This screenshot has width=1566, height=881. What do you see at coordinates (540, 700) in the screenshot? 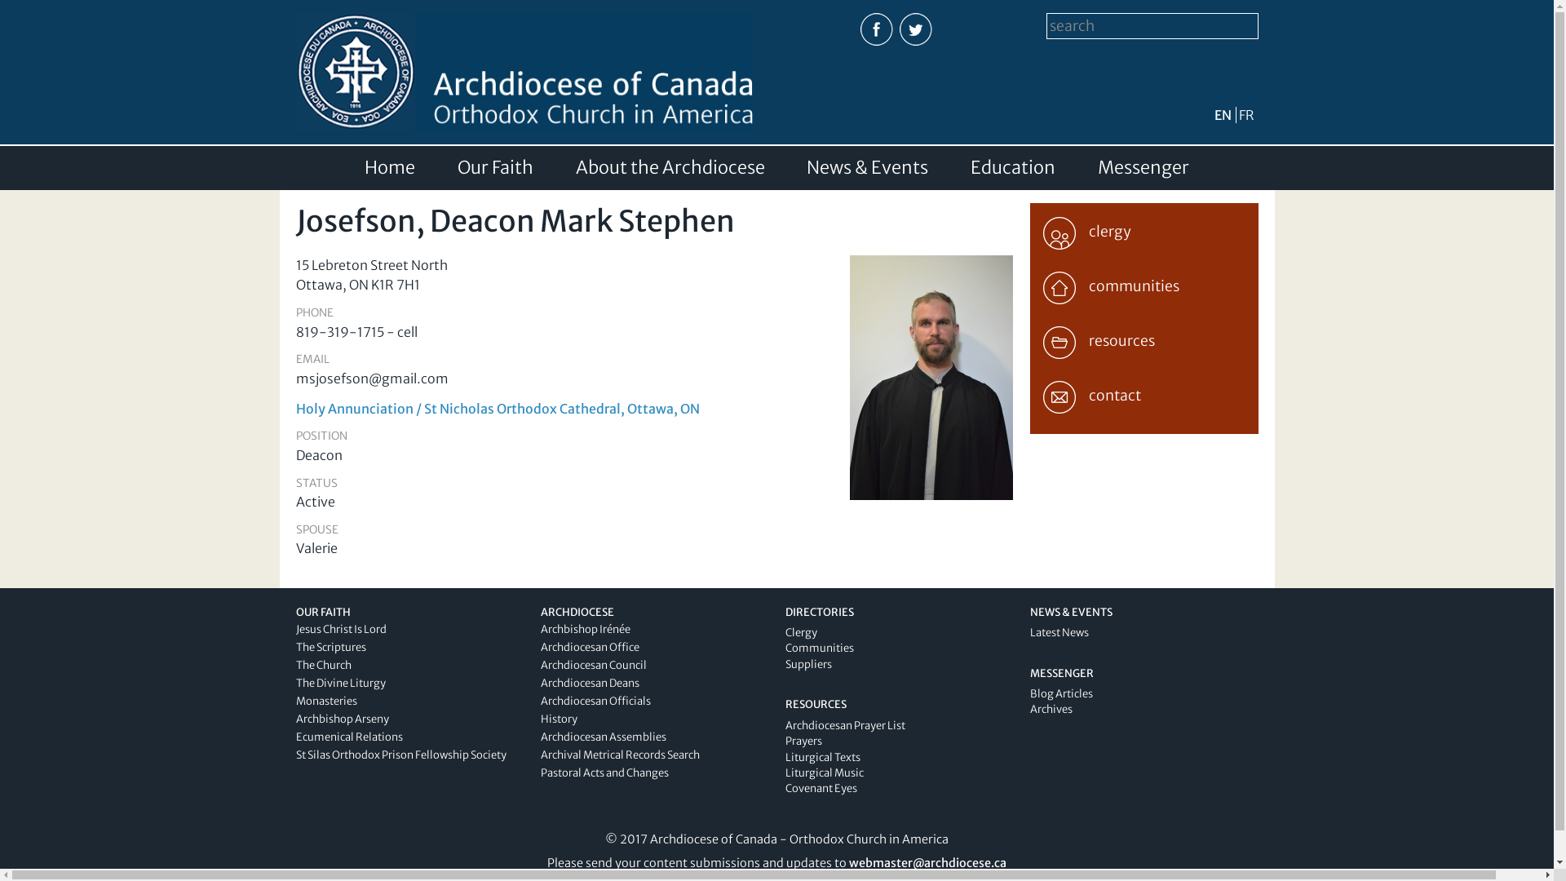
I see `'Archdiocesan Officials'` at bounding box center [540, 700].